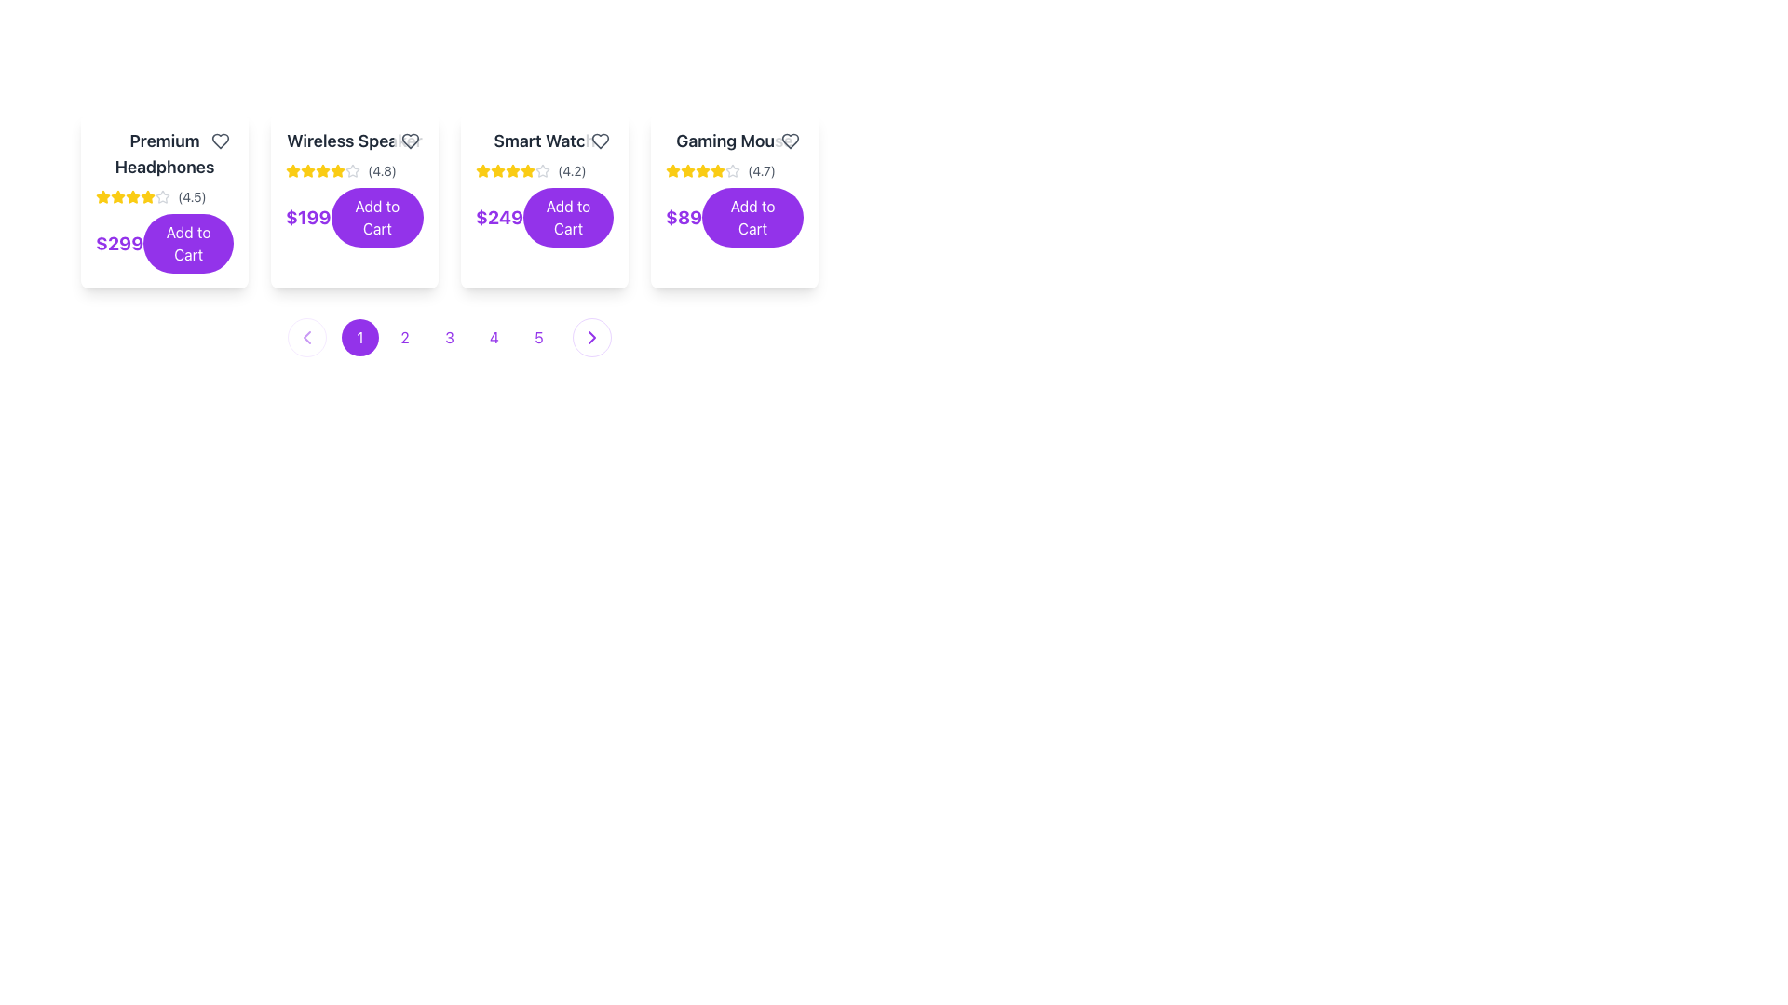  I want to click on the first star icon in the five-star rating system, located within the 'Premium Headphones' card, so click(102, 196).